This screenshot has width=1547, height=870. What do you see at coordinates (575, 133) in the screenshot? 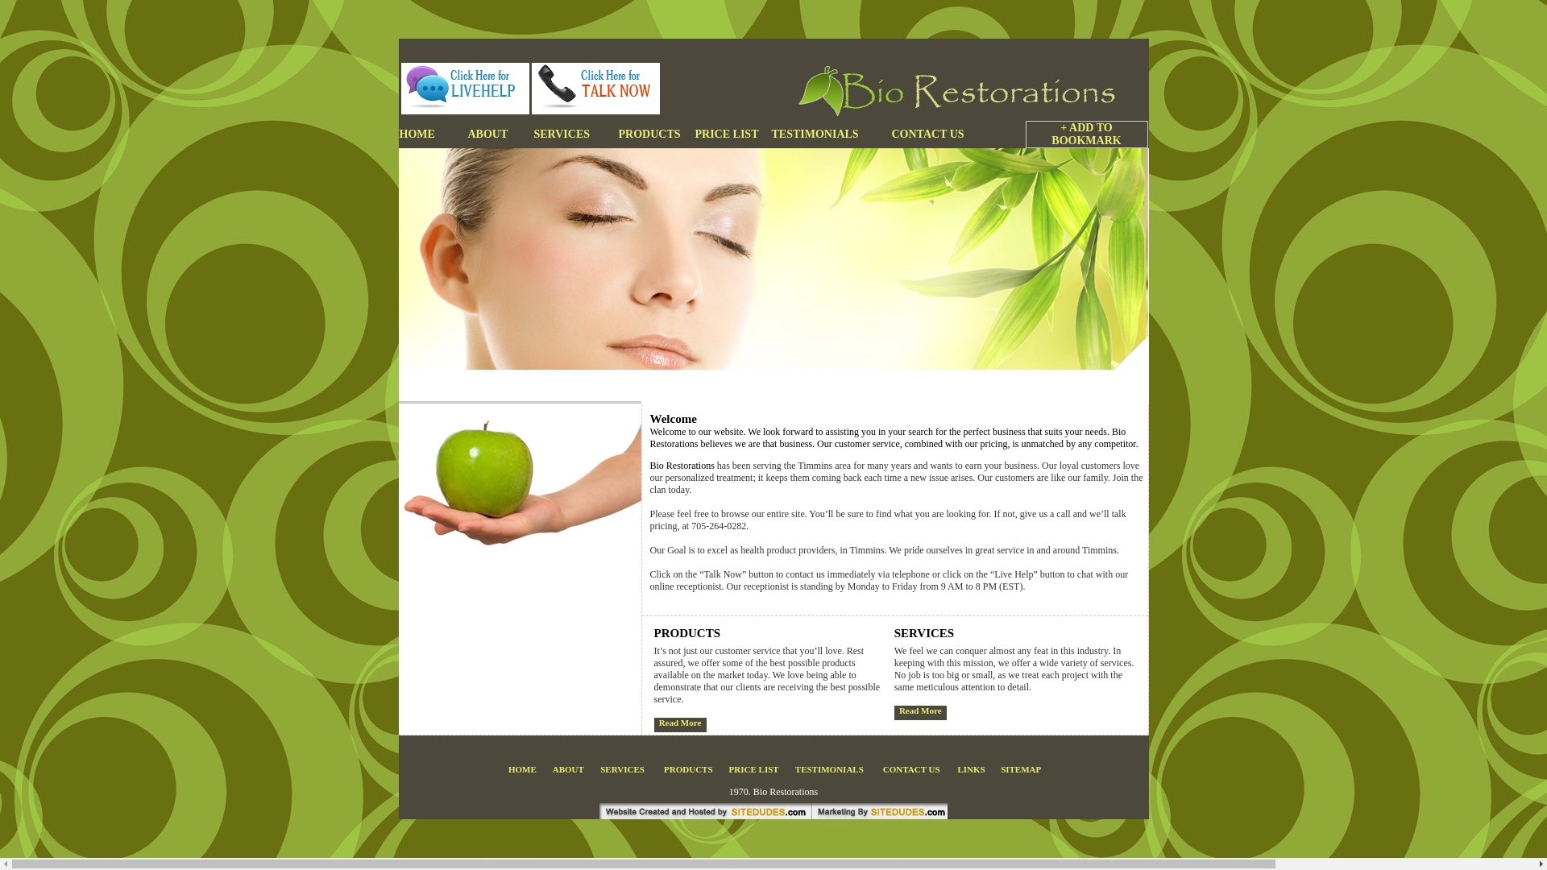
I see `'SERVICES'` at bounding box center [575, 133].